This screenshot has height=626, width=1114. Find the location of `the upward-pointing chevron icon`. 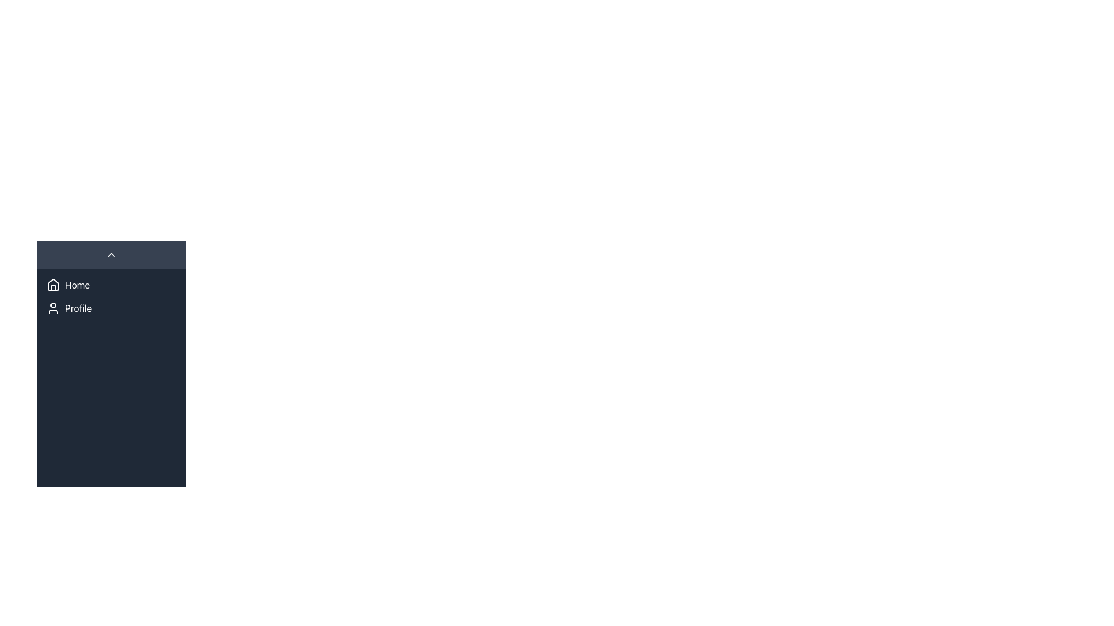

the upward-pointing chevron icon is located at coordinates (111, 254).